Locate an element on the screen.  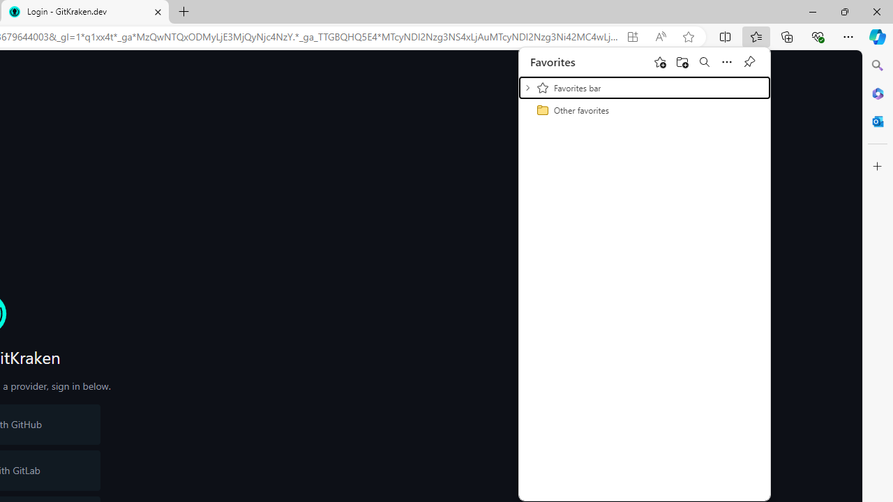
'Search favorites' is located at coordinates (704, 61).